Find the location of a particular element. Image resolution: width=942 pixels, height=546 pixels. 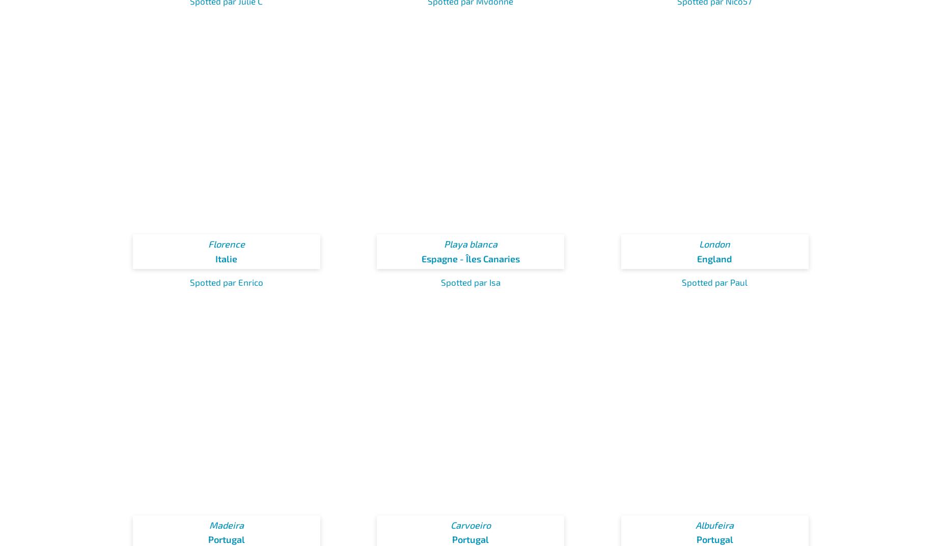

'Albufeira' is located at coordinates (714, 525).